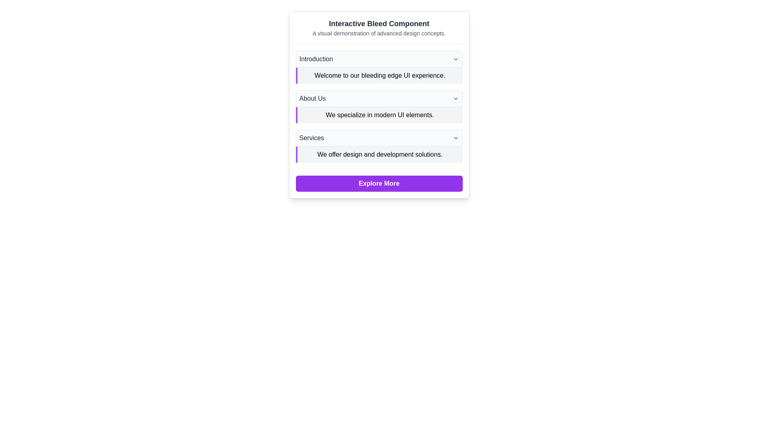 Image resolution: width=774 pixels, height=435 pixels. Describe the element at coordinates (379, 106) in the screenshot. I see `the 'About Us' entry in the collapsible list under the 'Interactive Bleed Component'` at that location.